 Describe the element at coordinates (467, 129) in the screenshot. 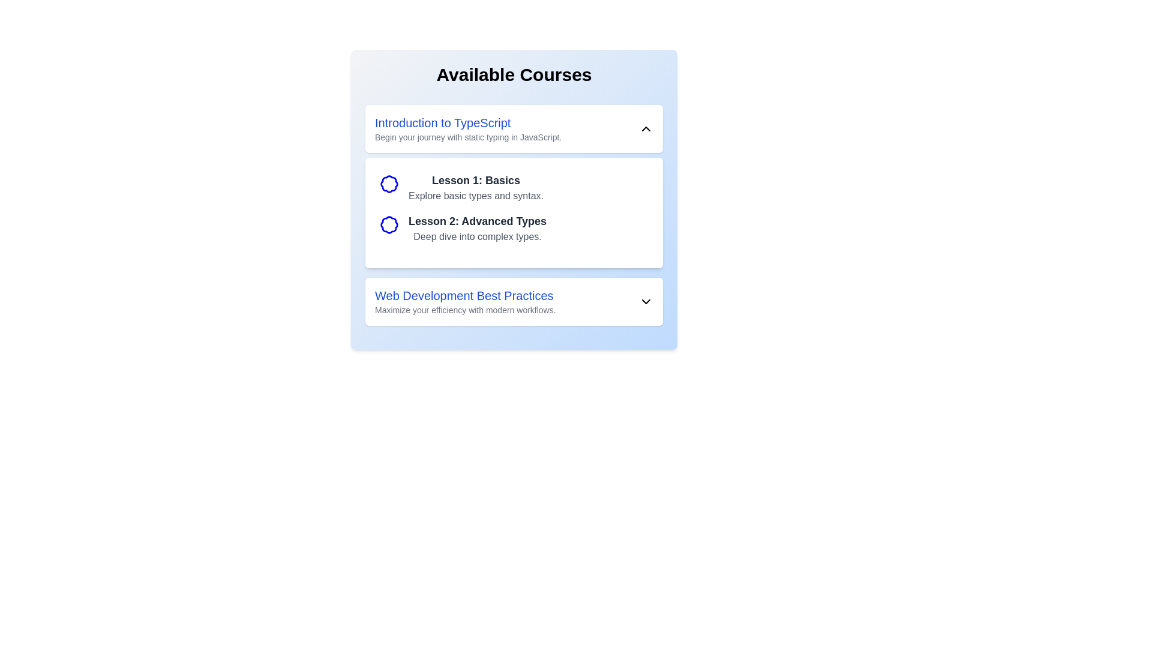

I see `the text block that serves as the title and description for the introductory TypeScript course` at that location.